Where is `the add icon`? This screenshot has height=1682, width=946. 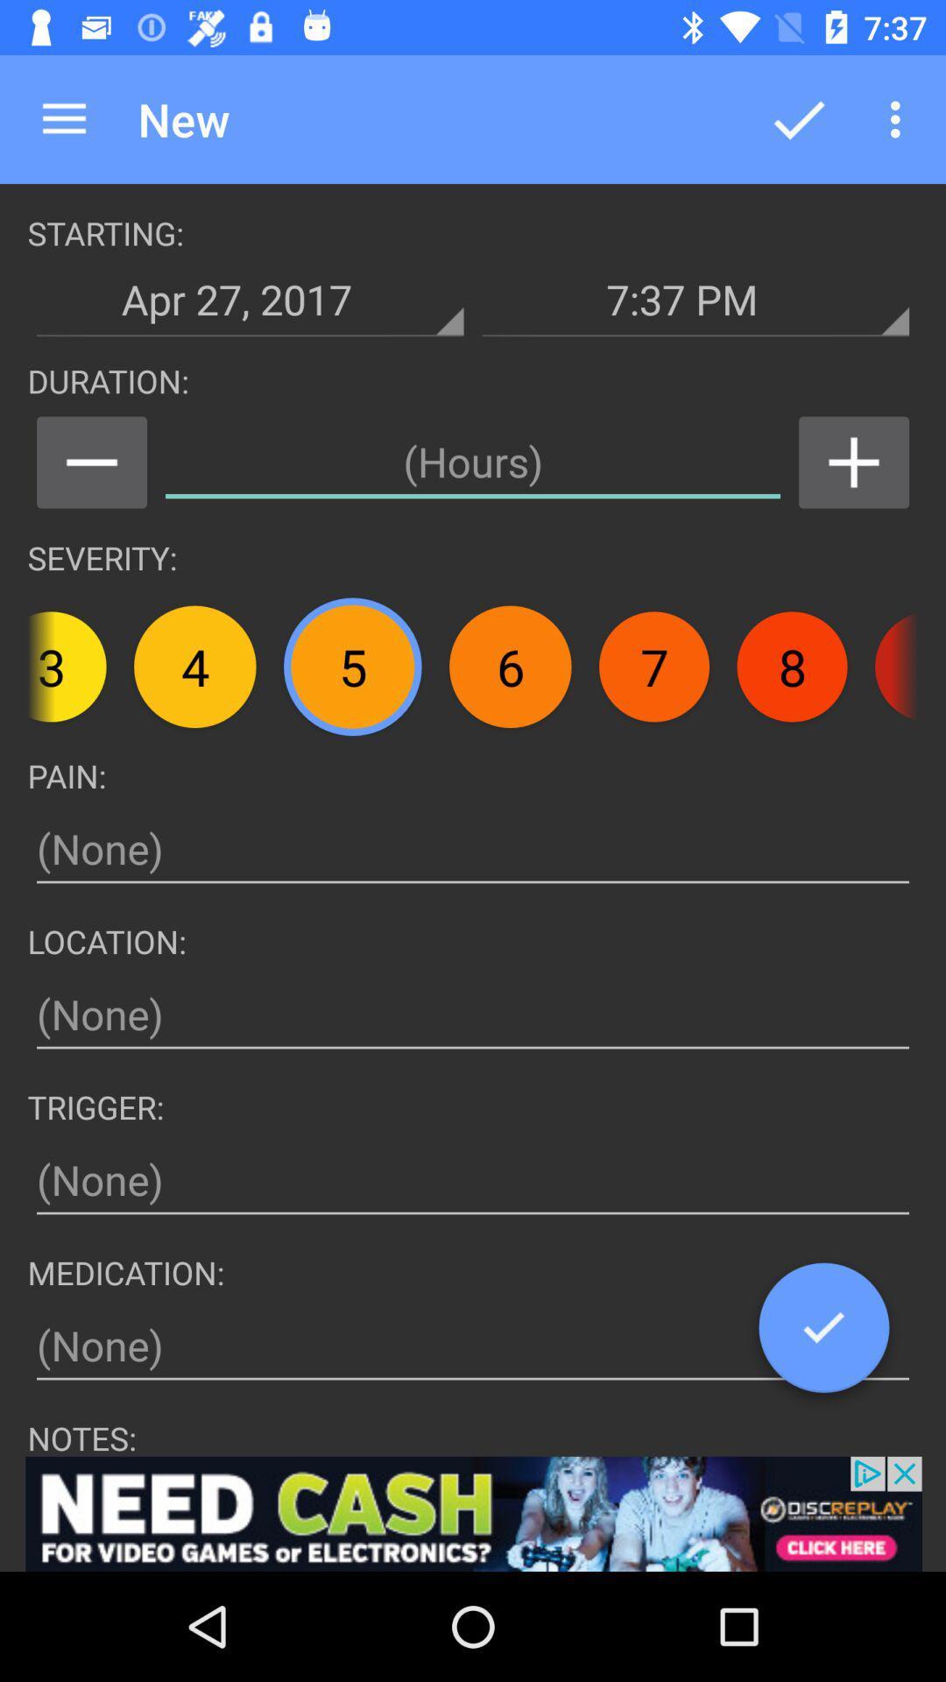
the add icon is located at coordinates (853, 463).